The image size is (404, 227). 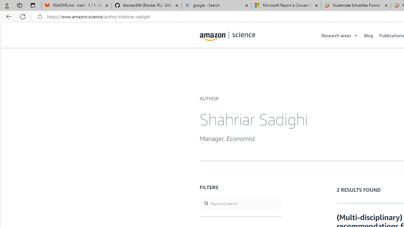 I want to click on 'Research areas', so click(x=336, y=35).